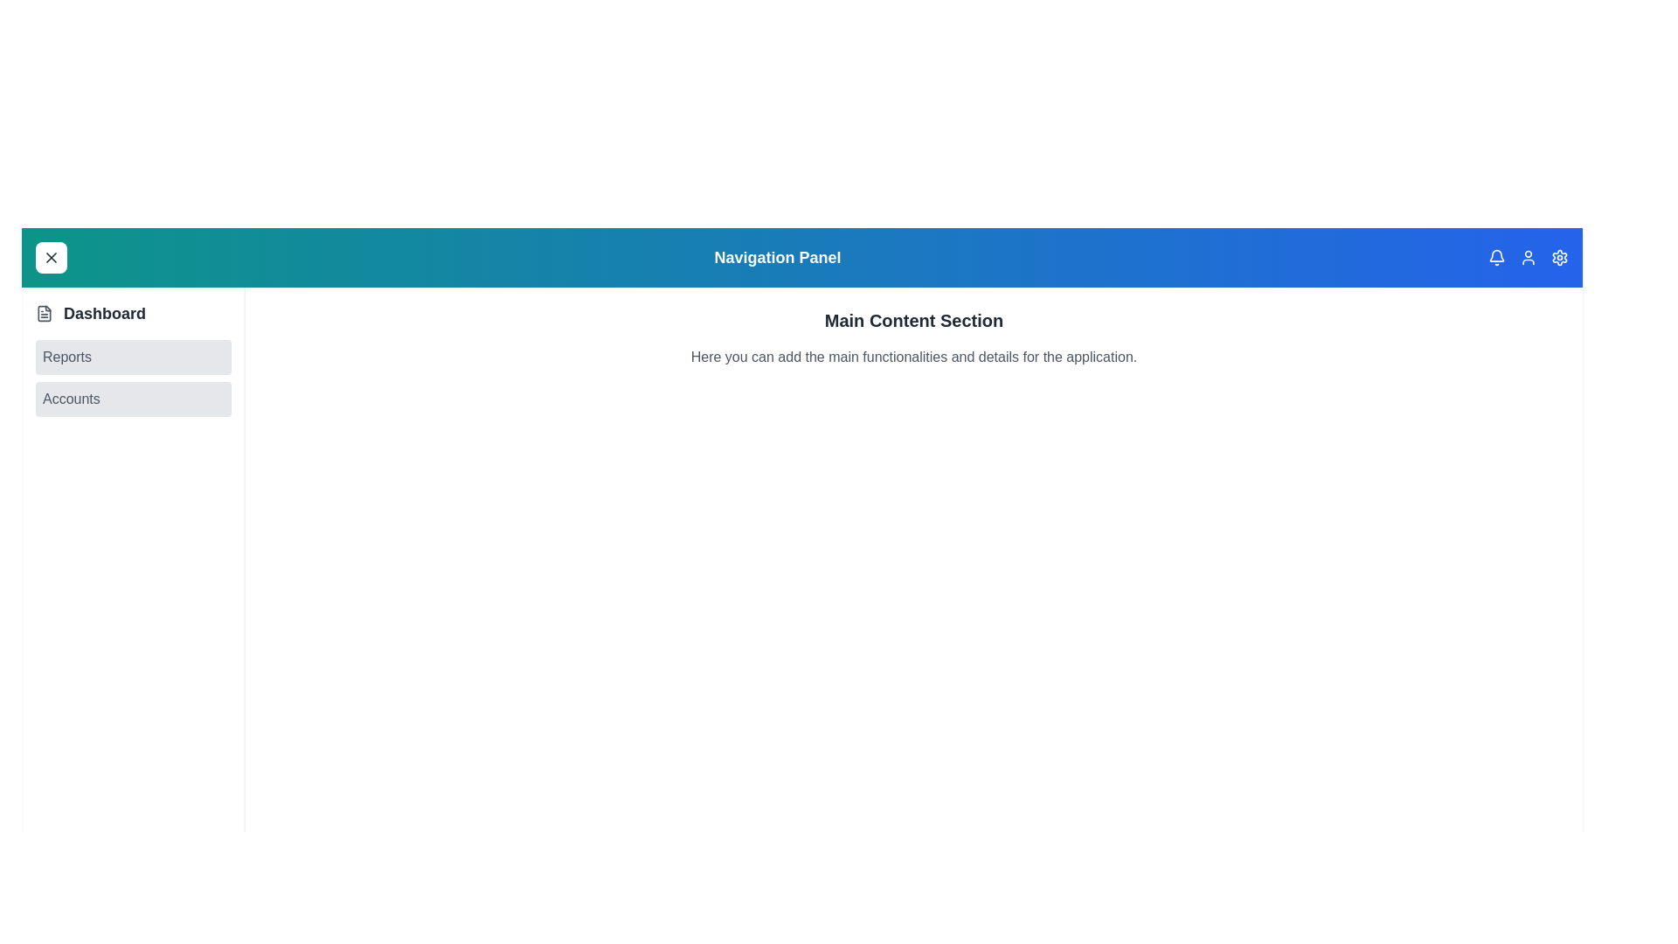  I want to click on the prominent text label displaying 'Main Content Section', which serves as the header for the section, so click(913, 320).